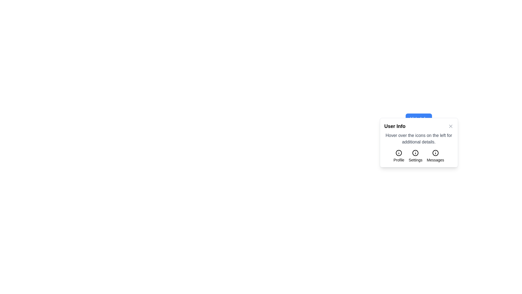  I want to click on the button that toggles the visibility of the user information panel, located above the panel on the right side of the interface, so click(418, 118).